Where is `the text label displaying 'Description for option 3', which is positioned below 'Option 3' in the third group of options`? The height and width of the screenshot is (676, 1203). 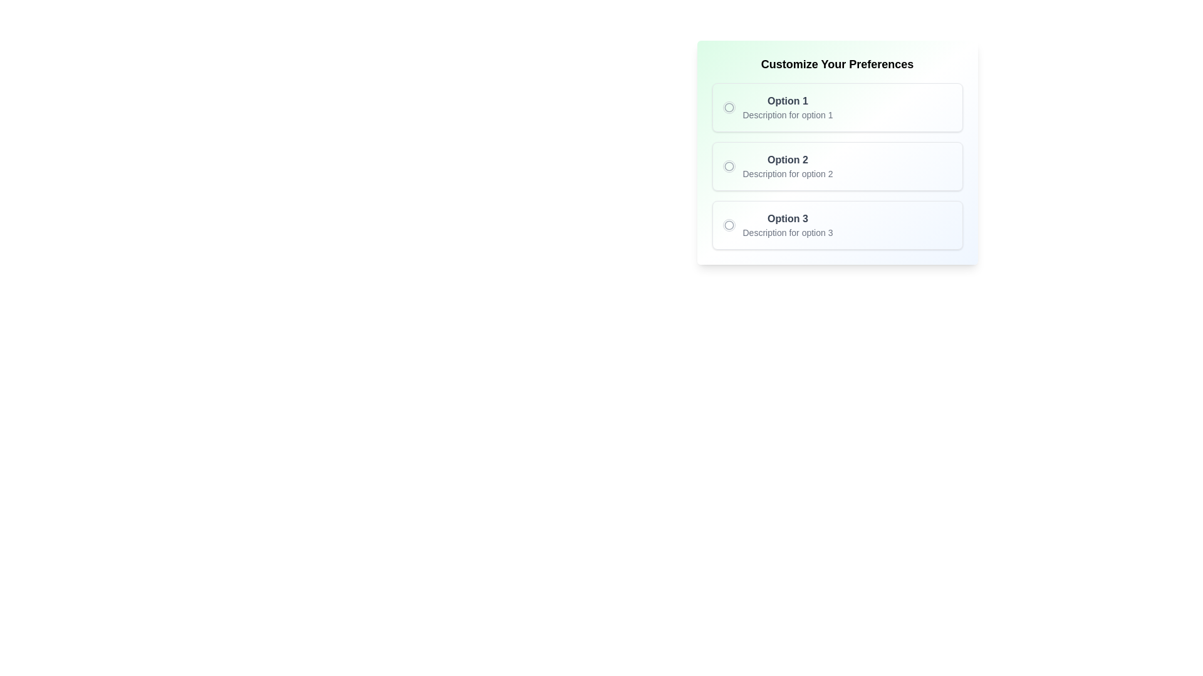
the text label displaying 'Description for option 3', which is positioned below 'Option 3' in the third group of options is located at coordinates (787, 232).